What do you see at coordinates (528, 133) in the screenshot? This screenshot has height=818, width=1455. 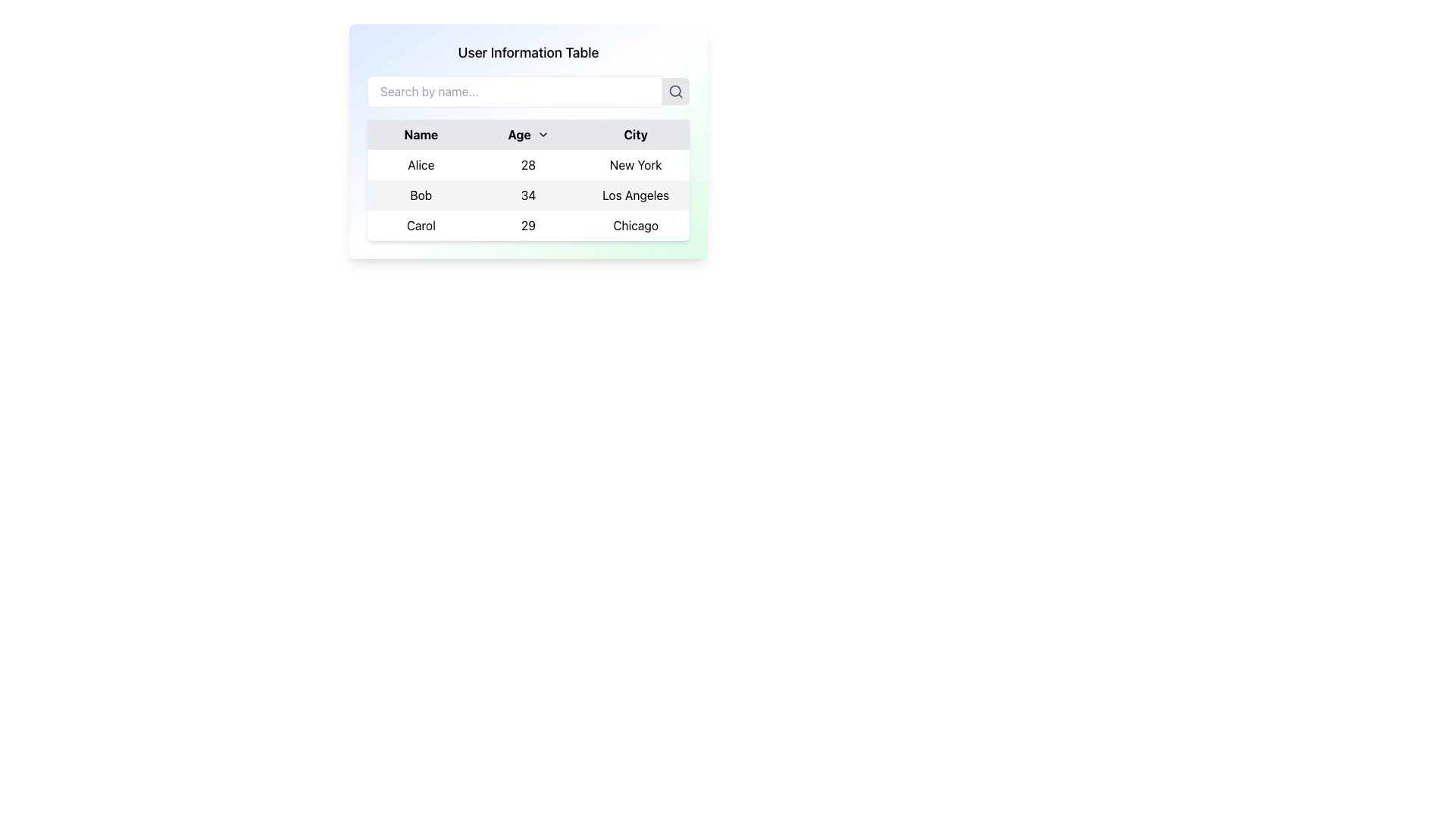 I see `the 'Age' sortable table header` at bounding box center [528, 133].